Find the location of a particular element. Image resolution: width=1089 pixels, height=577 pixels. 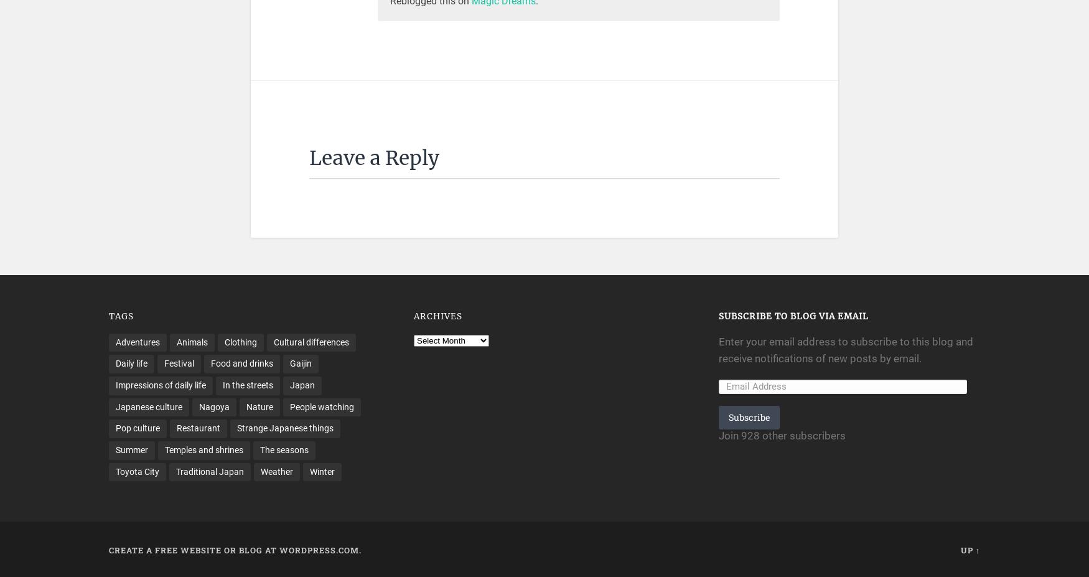

'Summer' is located at coordinates (131, 449).